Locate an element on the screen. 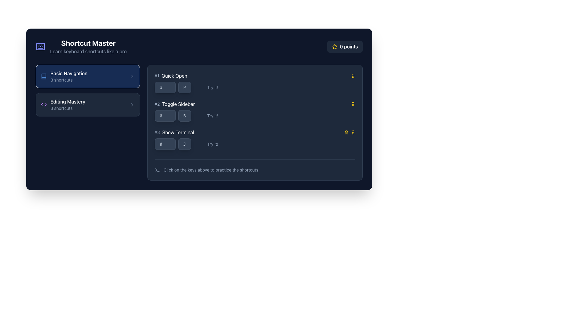 The width and height of the screenshot is (577, 325). the label '#2 Toggle Sidebar' which is the second item in a vertically arranged list within a dark-themed interface is located at coordinates (174, 104).